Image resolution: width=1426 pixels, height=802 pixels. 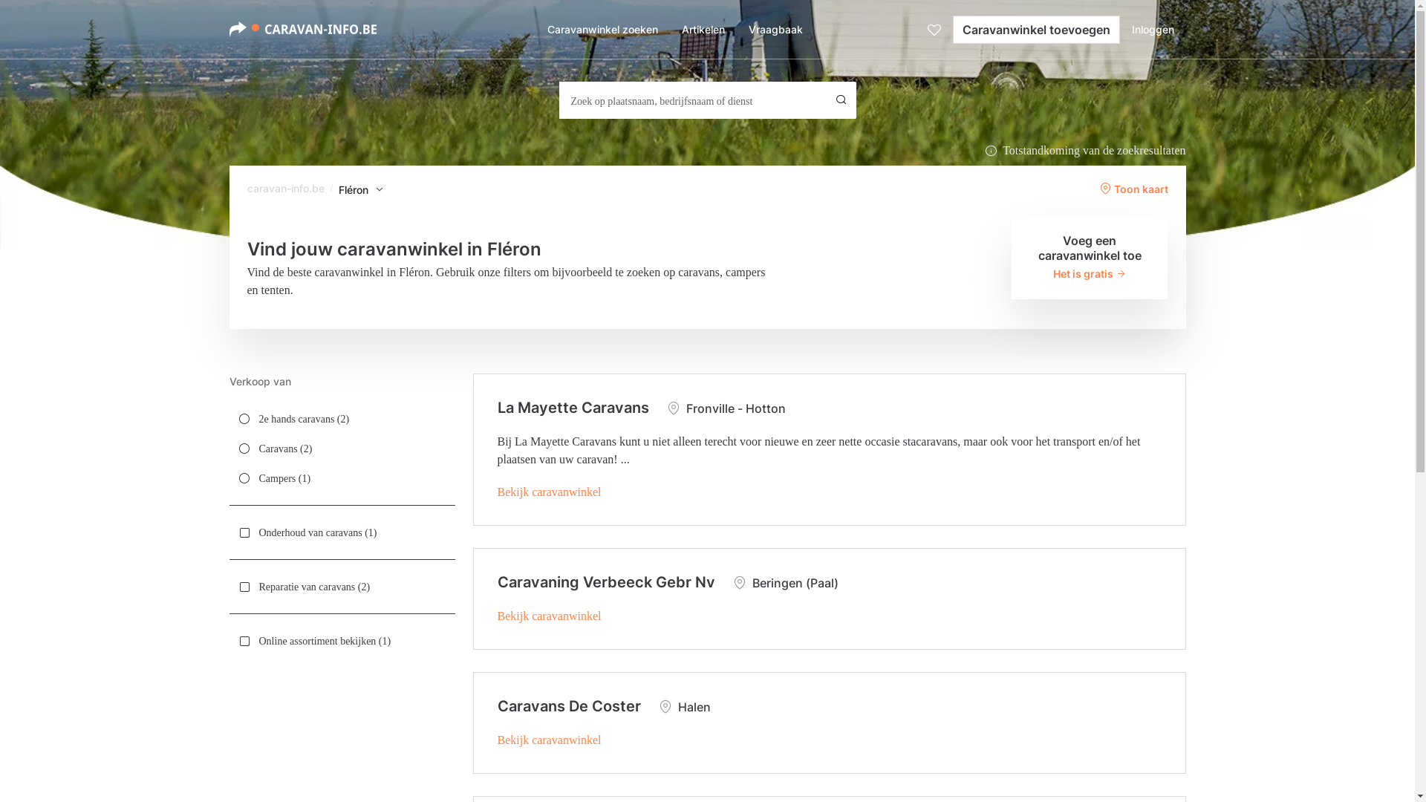 What do you see at coordinates (775, 29) in the screenshot?
I see `'Vraagbaak'` at bounding box center [775, 29].